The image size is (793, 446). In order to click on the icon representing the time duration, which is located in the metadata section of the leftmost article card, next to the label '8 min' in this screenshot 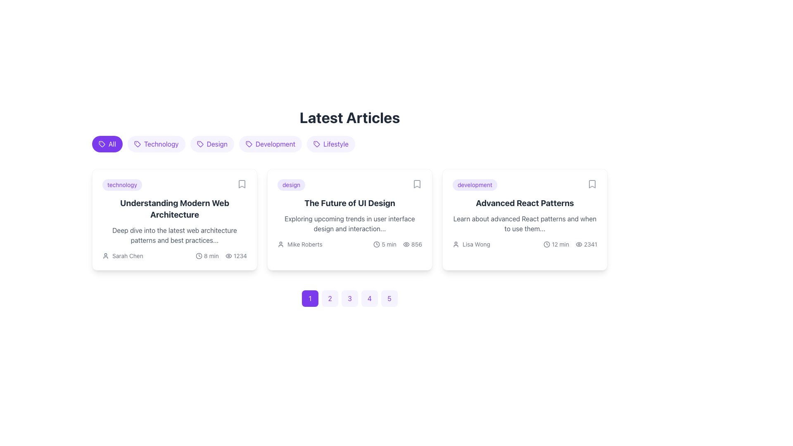, I will do `click(199, 256)`.